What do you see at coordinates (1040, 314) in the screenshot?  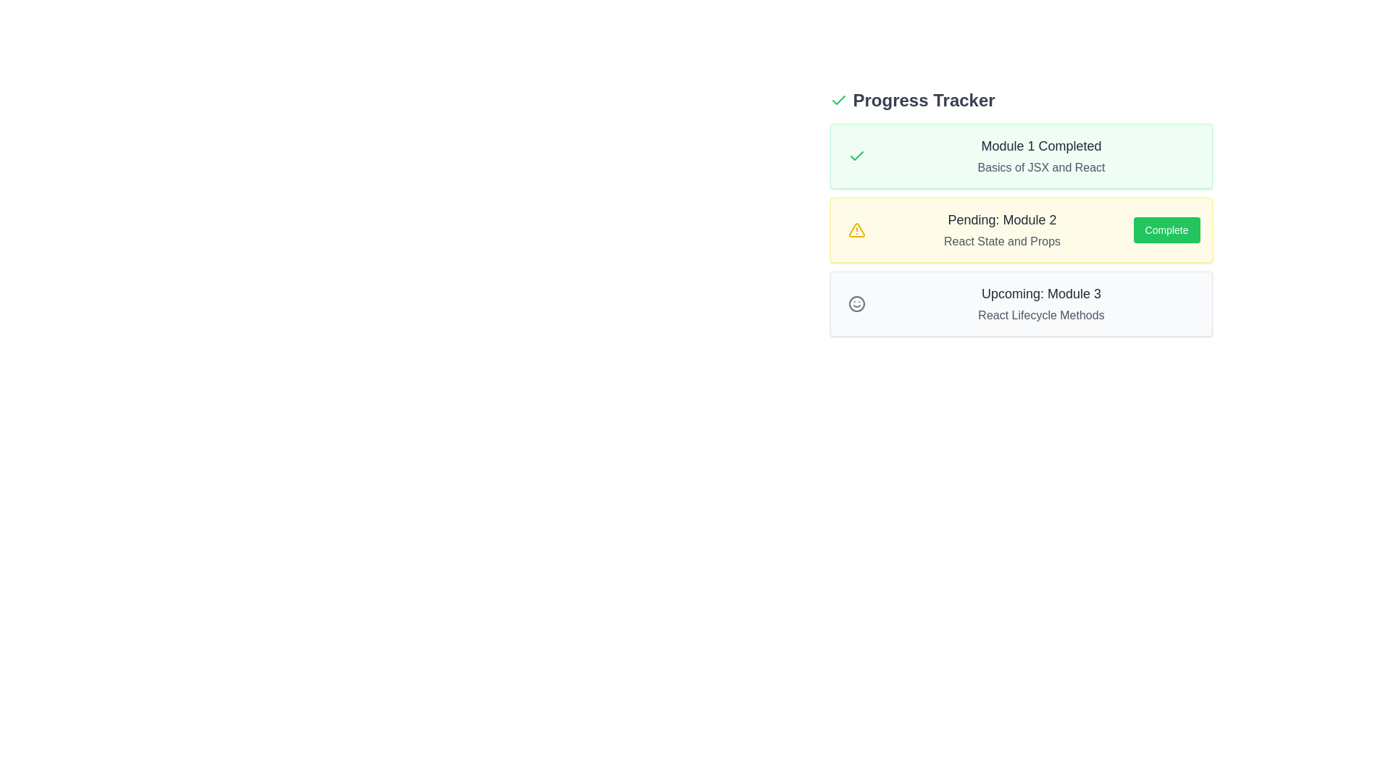 I see `the informational text label located below the 'Upcoming: Module 3' header in the third section of the progress tracker to focus on it` at bounding box center [1040, 314].